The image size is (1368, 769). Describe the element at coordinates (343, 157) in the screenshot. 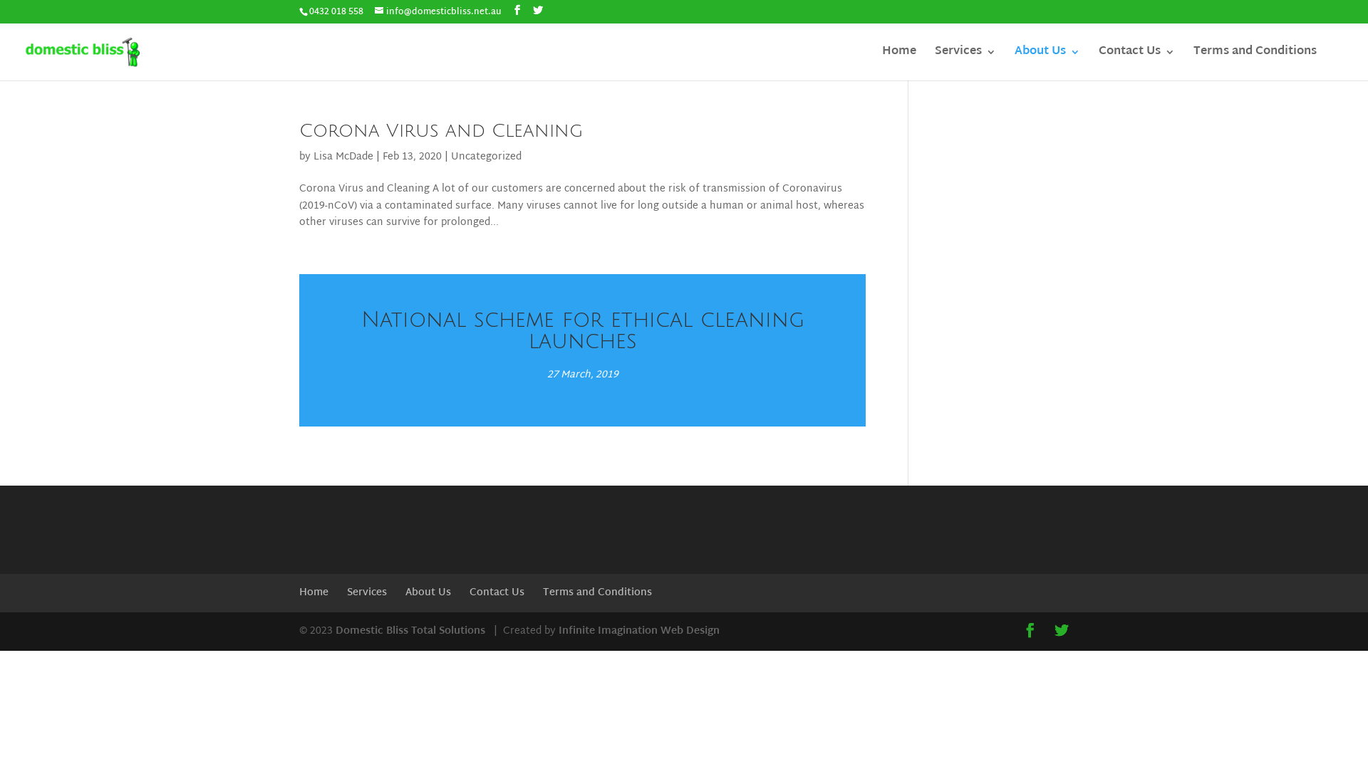

I see `'Lisa McDade'` at that location.